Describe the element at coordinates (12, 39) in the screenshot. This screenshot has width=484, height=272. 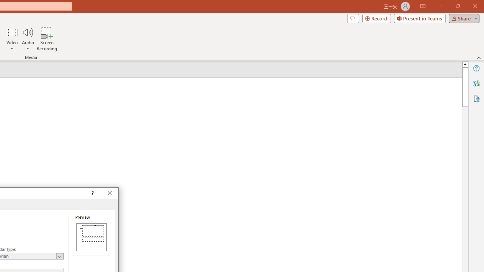
I see `'Video'` at that location.